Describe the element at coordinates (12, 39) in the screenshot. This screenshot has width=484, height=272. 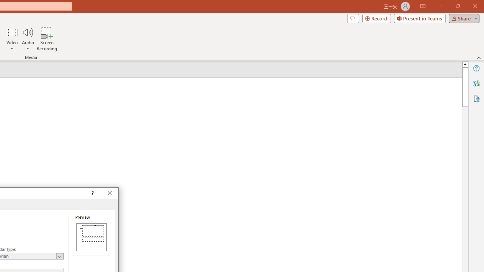
I see `'Video'` at that location.